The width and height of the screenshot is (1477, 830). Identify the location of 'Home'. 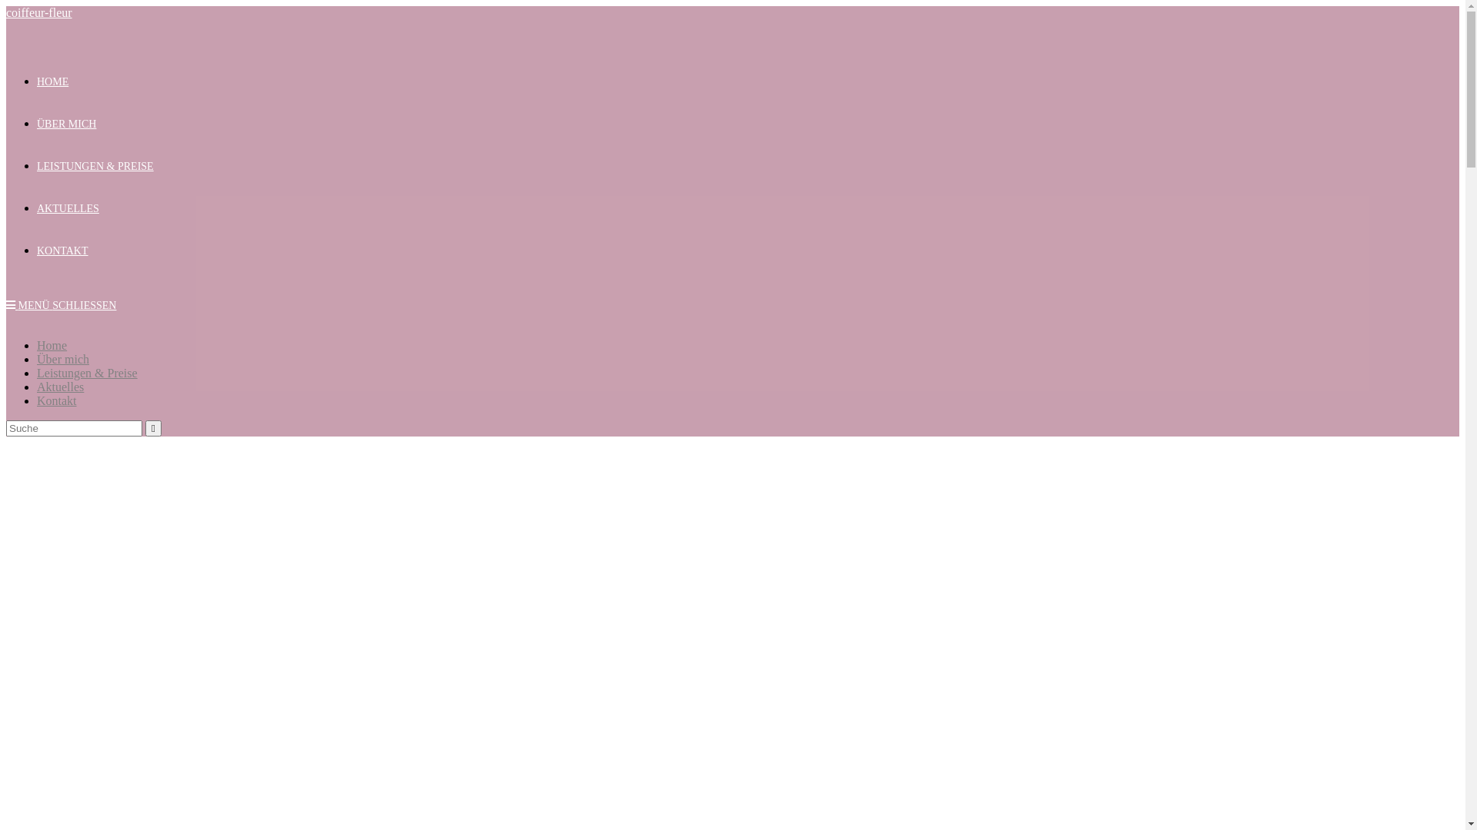
(52, 344).